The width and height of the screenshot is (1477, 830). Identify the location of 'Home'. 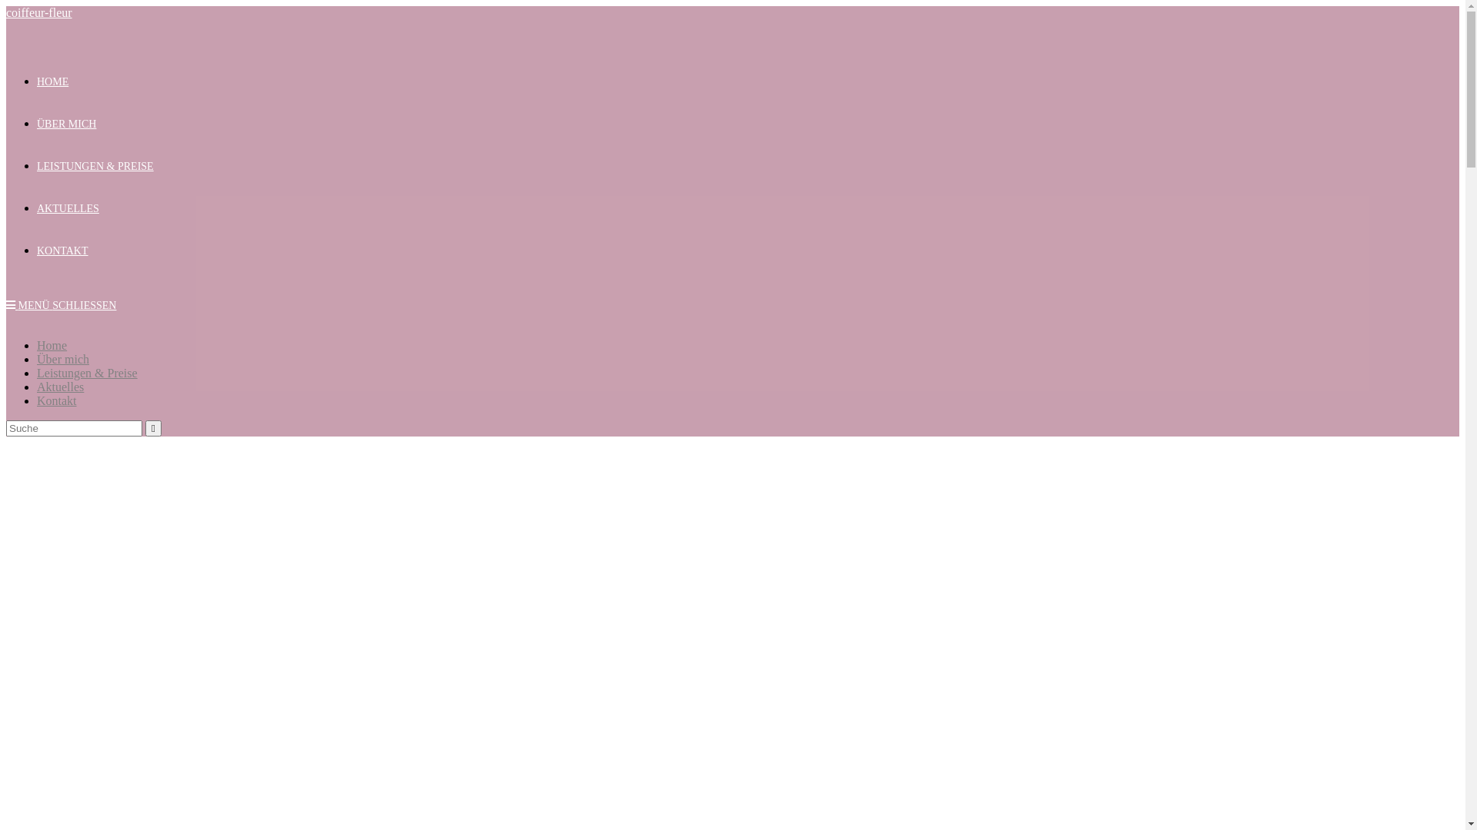
(52, 344).